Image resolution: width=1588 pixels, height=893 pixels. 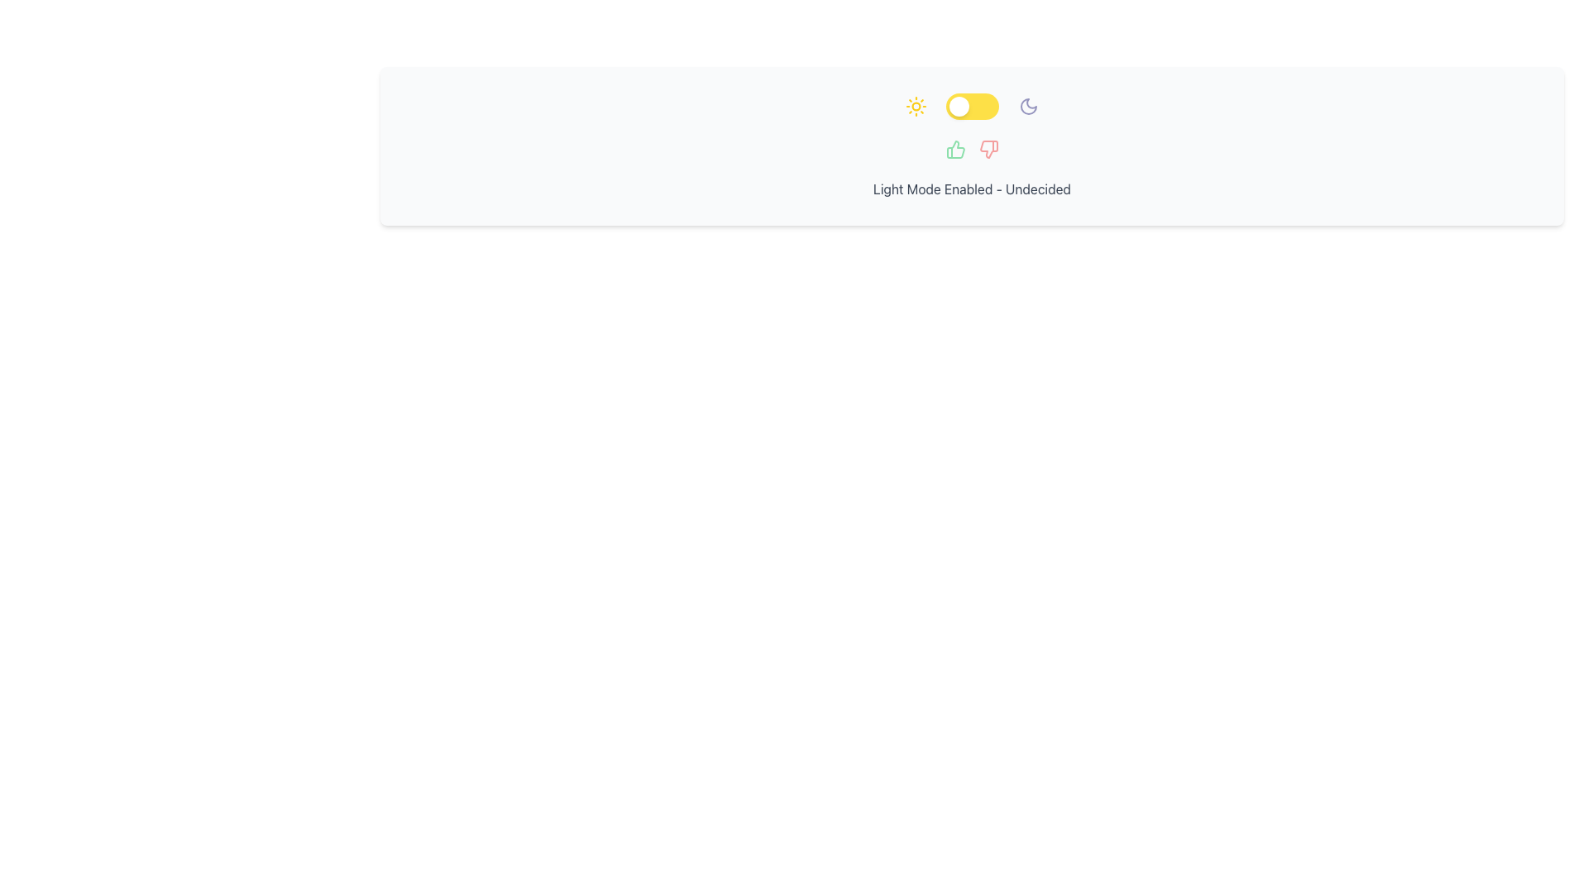 I want to click on the circular handle of the toggle switch located below the heading text and above the description with 'Light Mode Enabled - Undecided', so click(x=972, y=106).